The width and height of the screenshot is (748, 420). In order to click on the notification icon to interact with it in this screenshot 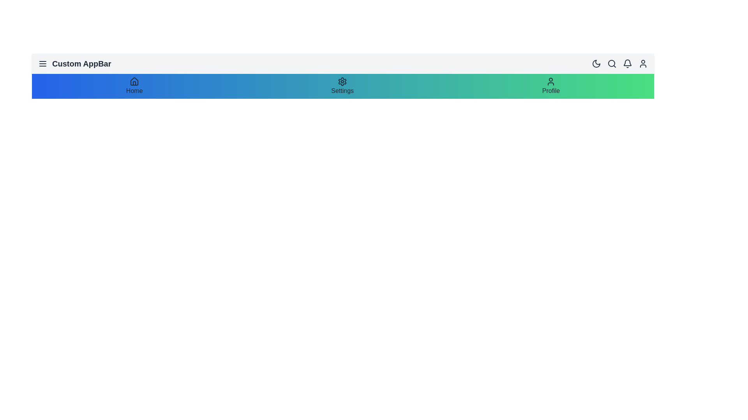, I will do `click(628, 63)`.